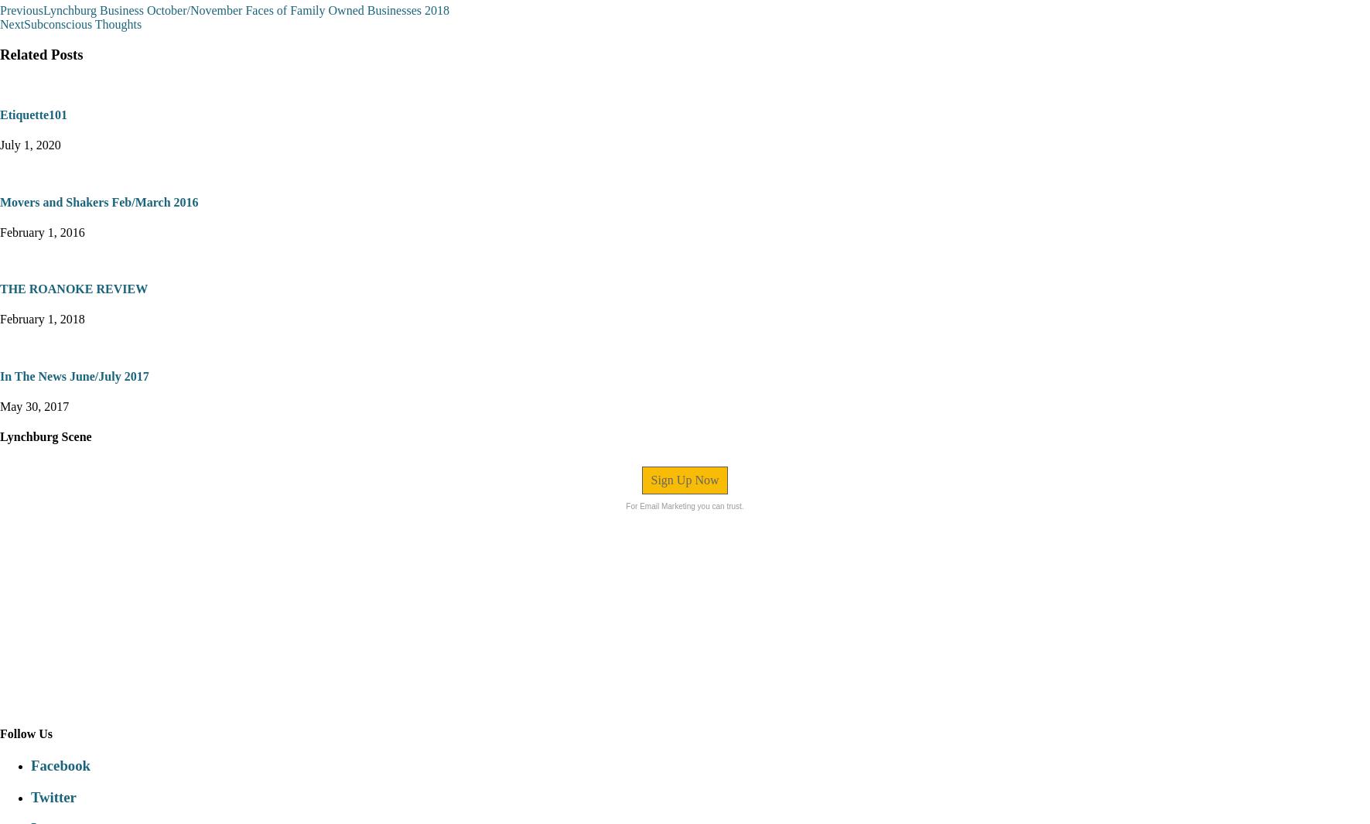 This screenshot has height=824, width=1370. I want to click on 'Previous', so click(20, 9).